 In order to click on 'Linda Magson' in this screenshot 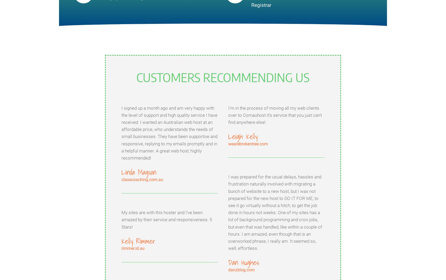, I will do `click(139, 172)`.